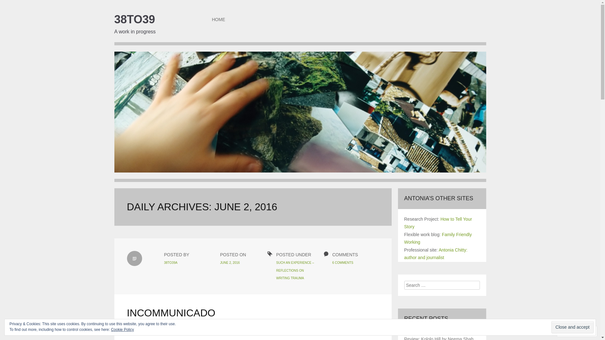 The width and height of the screenshot is (605, 340). I want to click on '38to39', so click(299, 116).